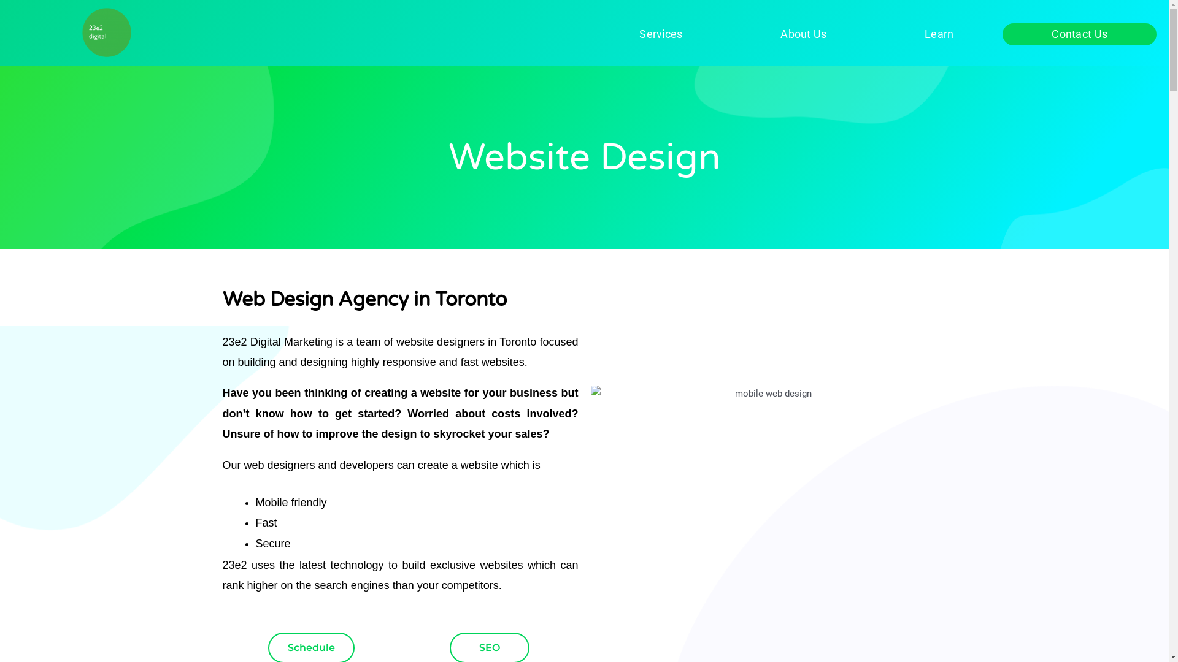 The image size is (1178, 662). Describe the element at coordinates (938, 34) in the screenshot. I see `'Learn'` at that location.